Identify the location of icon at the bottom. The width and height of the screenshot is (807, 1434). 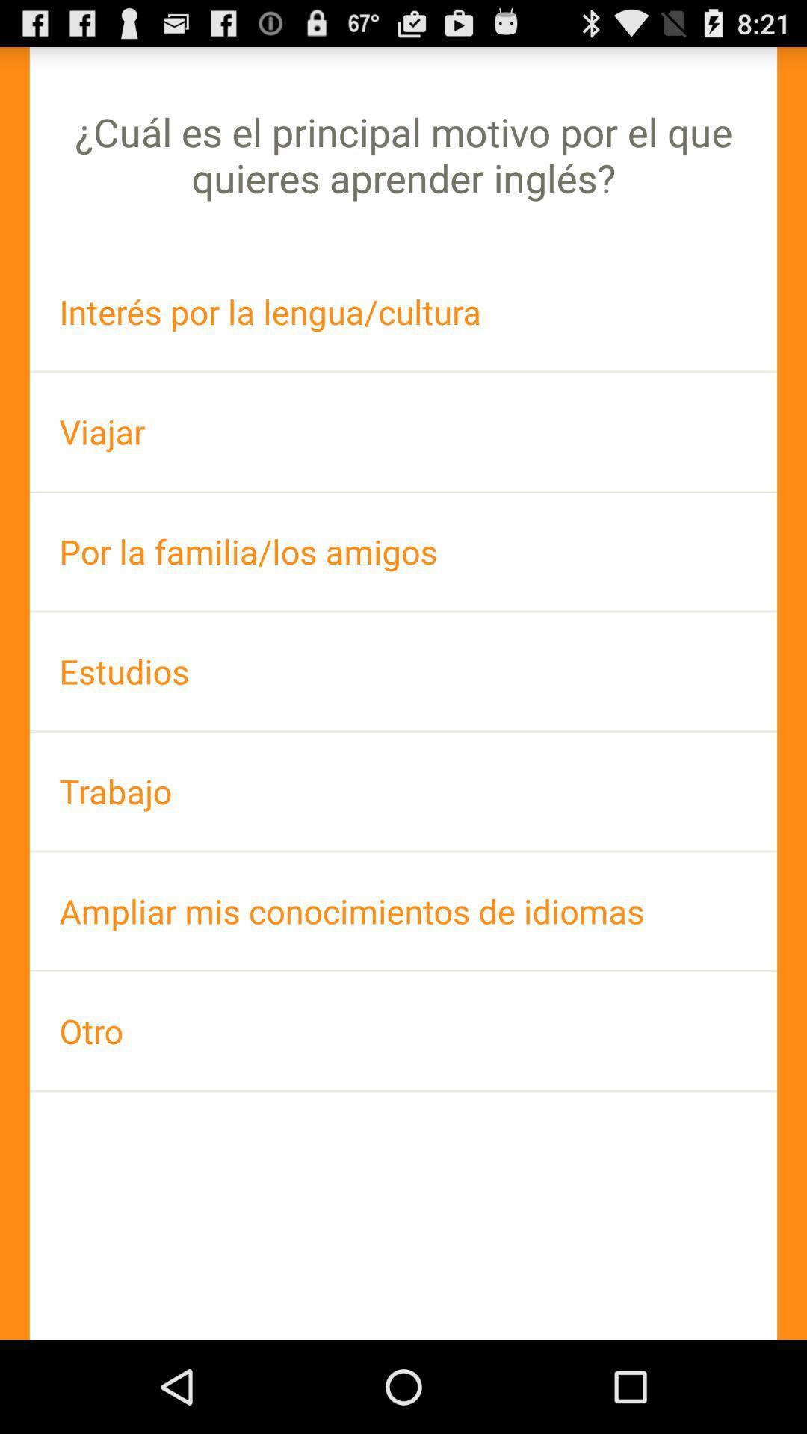
(403, 1030).